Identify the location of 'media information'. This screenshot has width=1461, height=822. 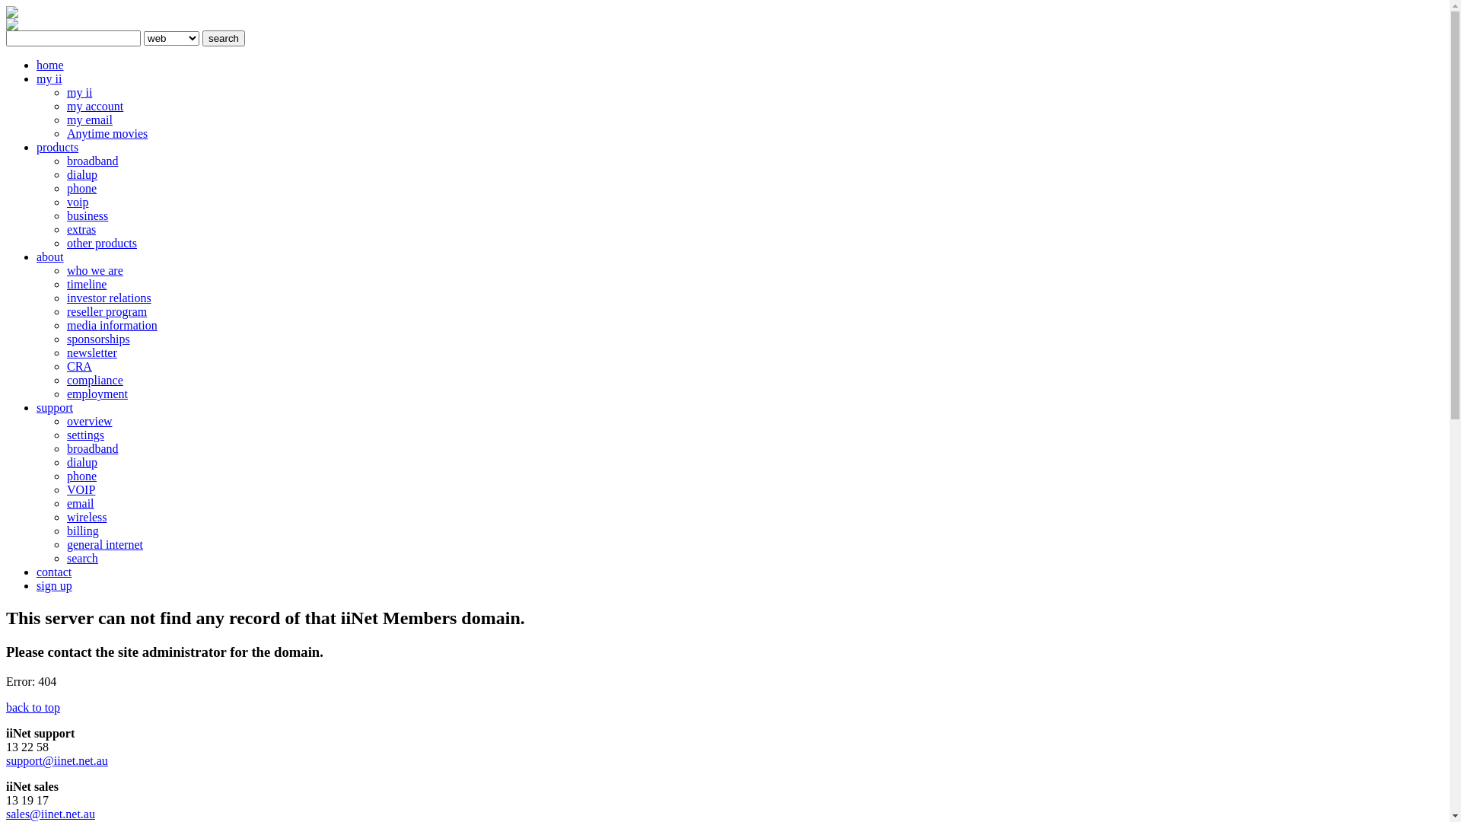
(65, 324).